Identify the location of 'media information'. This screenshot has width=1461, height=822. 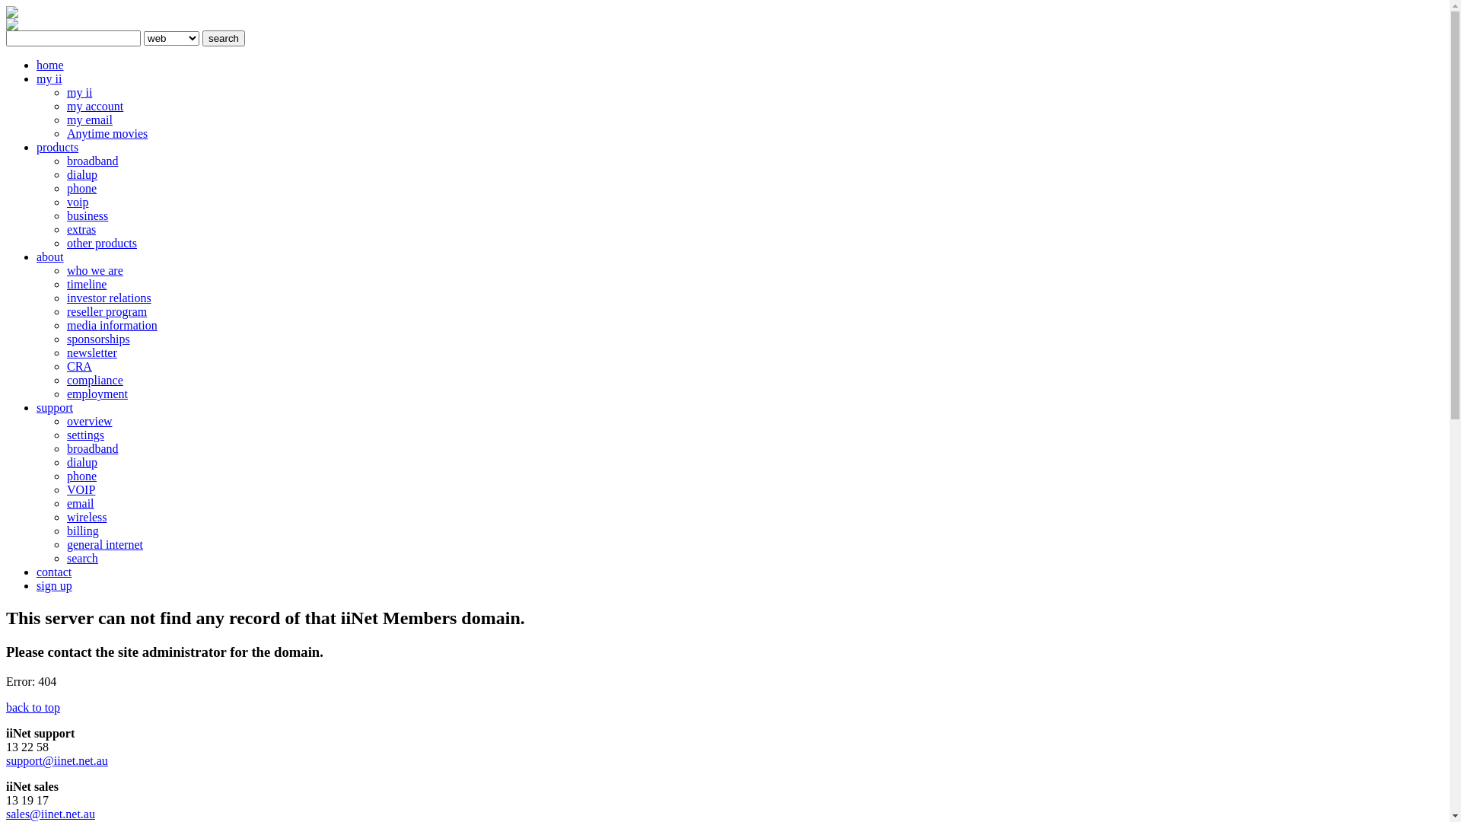
(65, 324).